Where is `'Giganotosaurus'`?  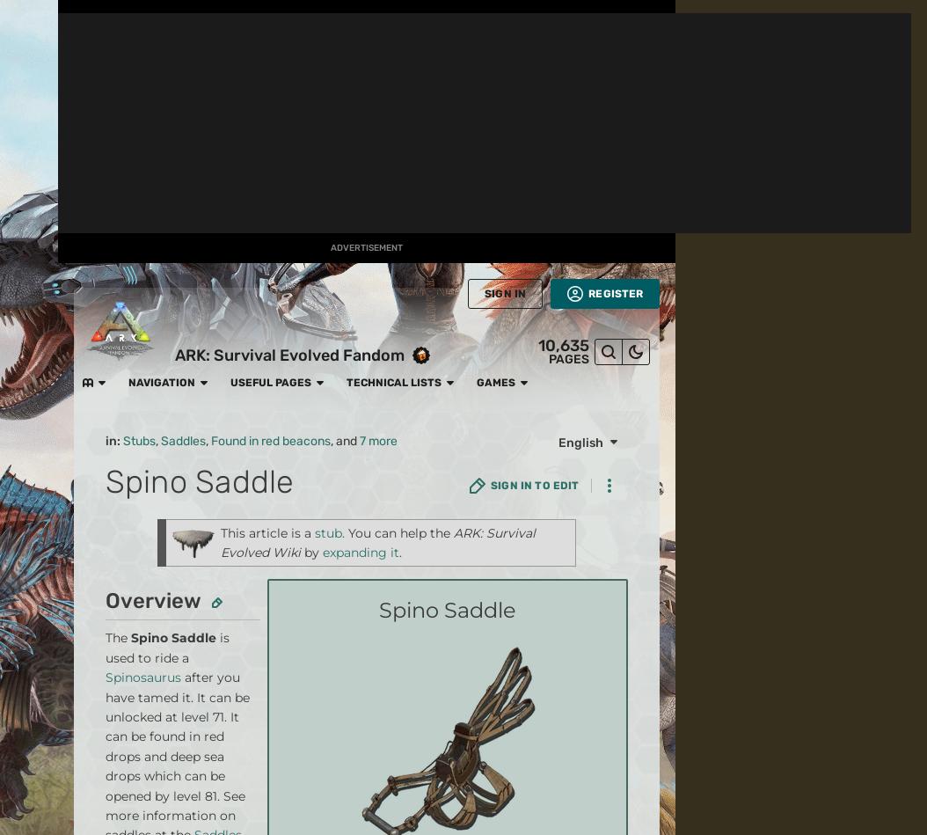
'Giganotosaurus' is located at coordinates (434, 234).